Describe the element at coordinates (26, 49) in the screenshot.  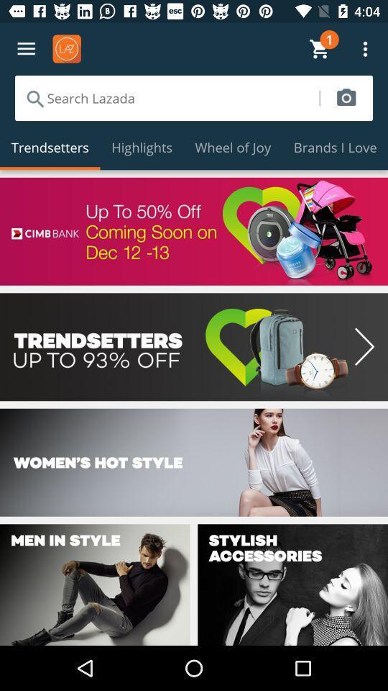
I see `menu` at that location.